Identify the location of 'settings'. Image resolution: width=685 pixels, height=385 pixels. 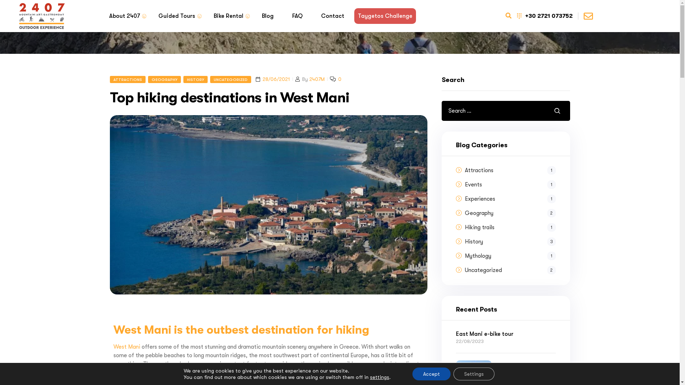
(379, 376).